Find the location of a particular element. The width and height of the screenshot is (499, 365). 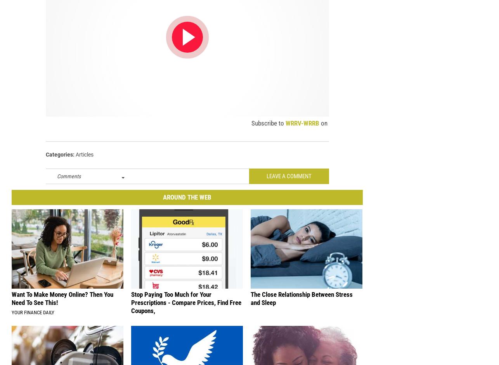

'Want To Make Money Online? Then You Need To See This!' is located at coordinates (62, 303).